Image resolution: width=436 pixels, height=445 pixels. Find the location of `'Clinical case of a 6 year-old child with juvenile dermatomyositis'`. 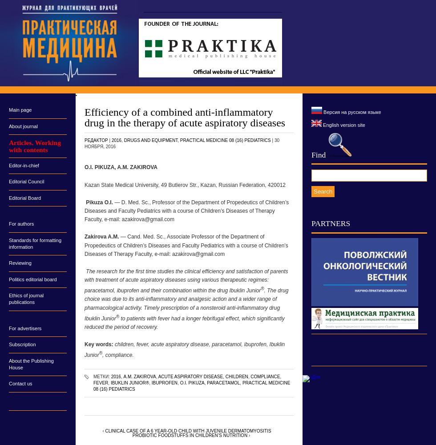

'Clinical case of a 6 year-old child with juvenile dermatomyositis' is located at coordinates (105, 430).